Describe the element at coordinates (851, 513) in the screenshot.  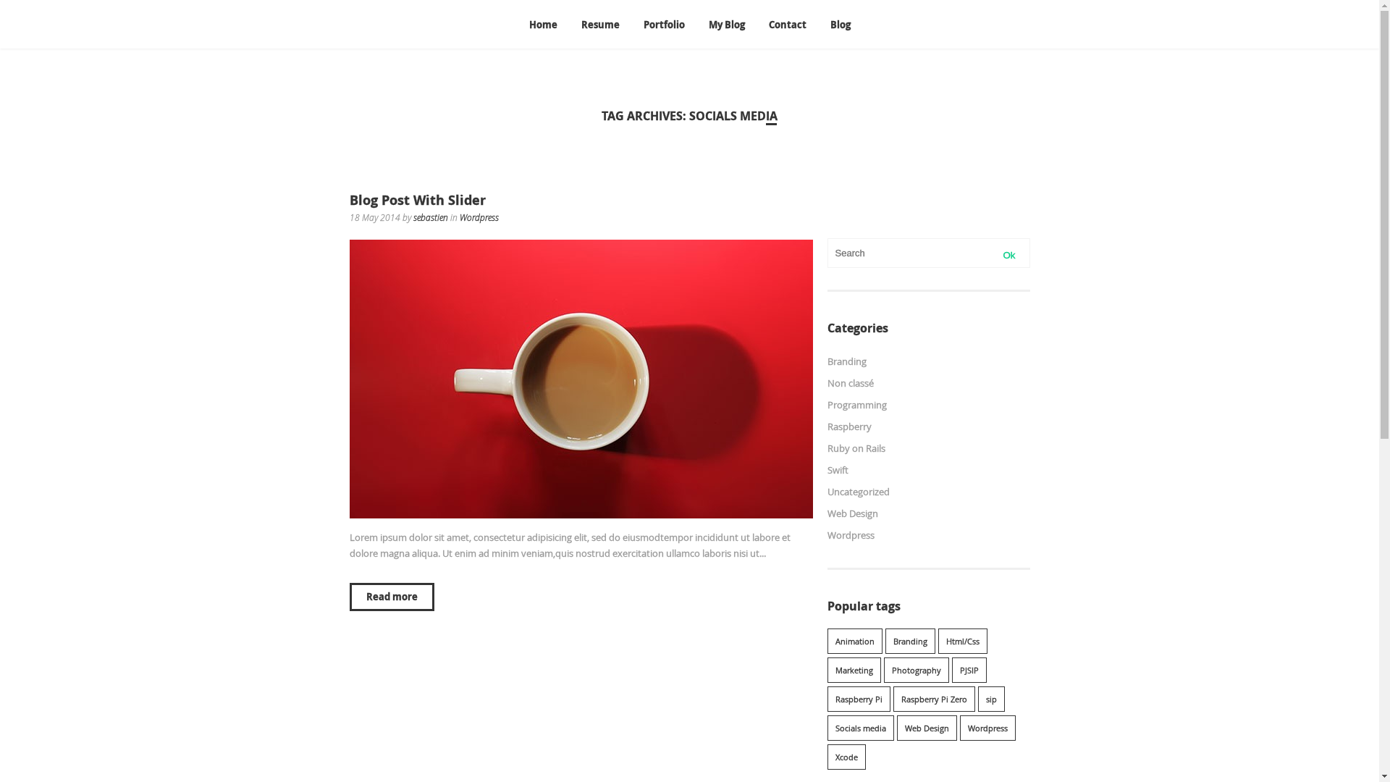
I see `'Web Design'` at that location.